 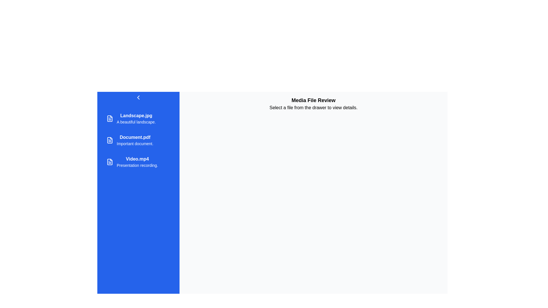 What do you see at coordinates (135, 140) in the screenshot?
I see `the list item displaying 'Document.pdf' with the subtitle 'Important document.'` at bounding box center [135, 140].